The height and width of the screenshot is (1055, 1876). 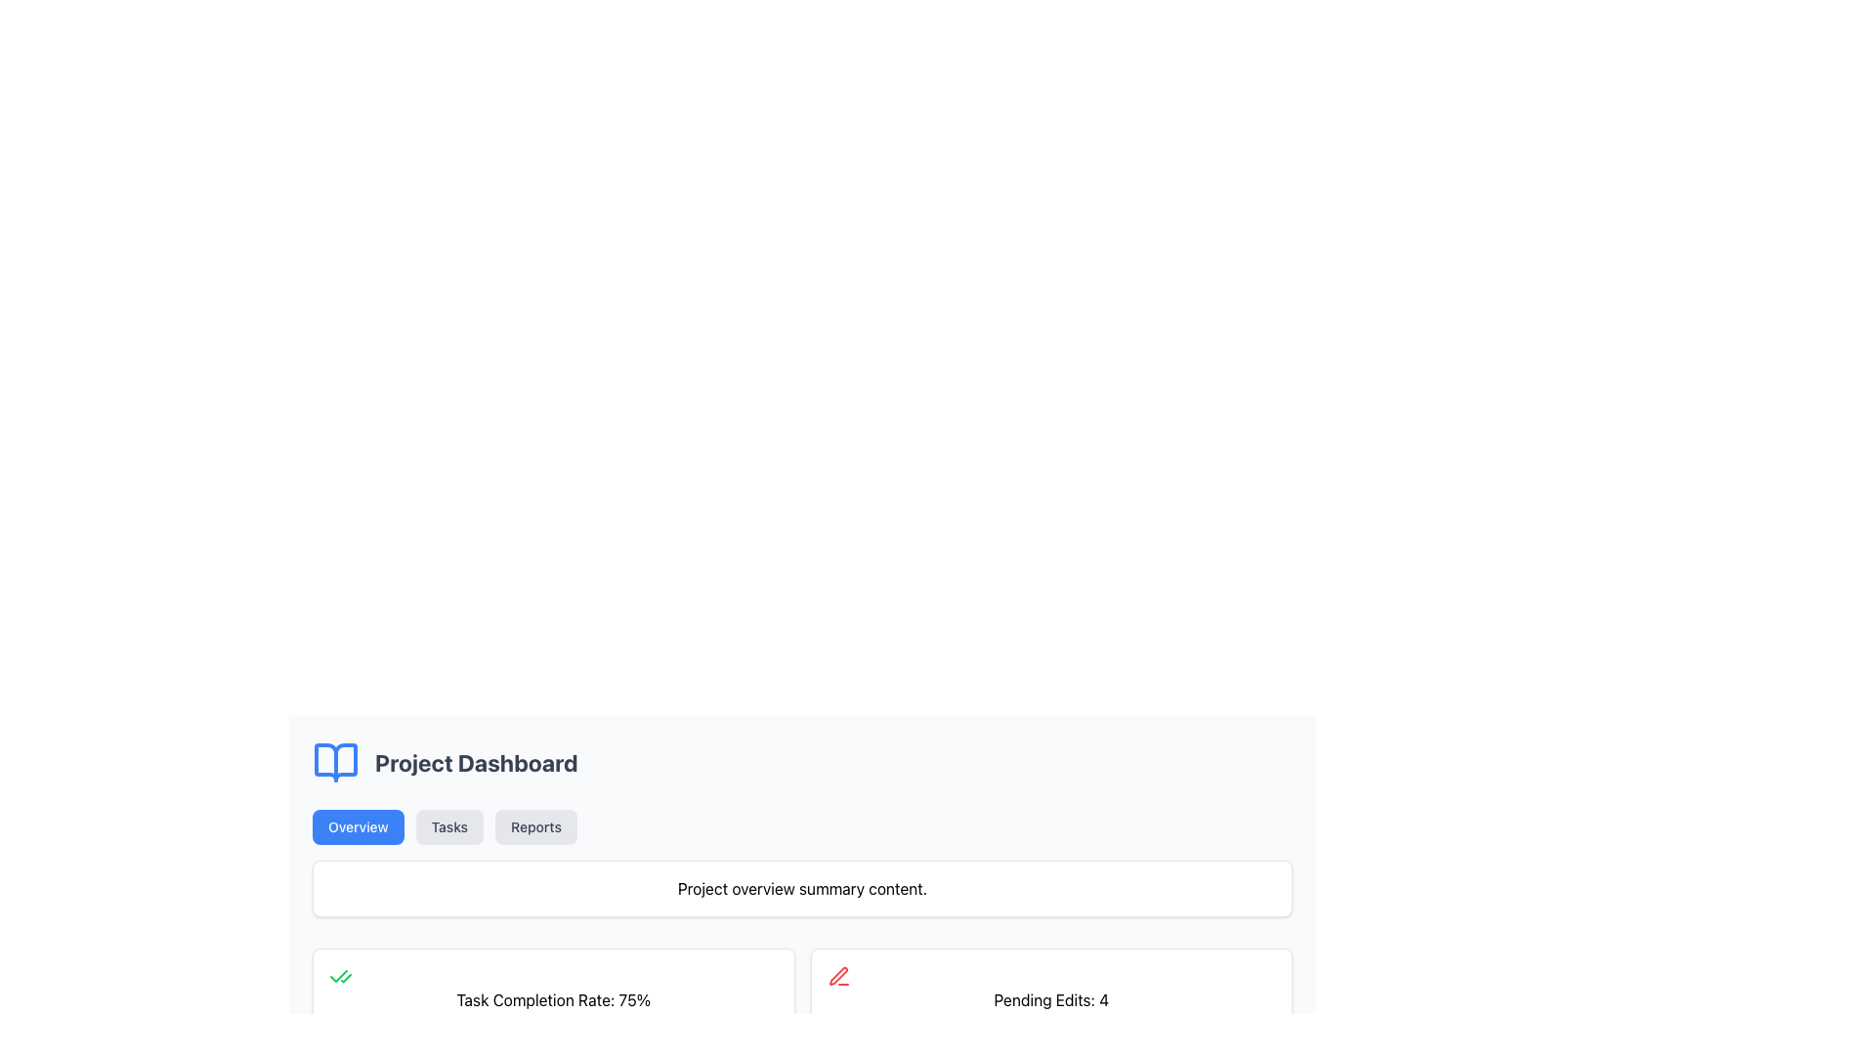 What do you see at coordinates (448, 827) in the screenshot?
I see `the 'Tasks' button, which is the second button in a horizontal arrangement below the 'Project Dashboard' header, to potentially see a tooltip` at bounding box center [448, 827].